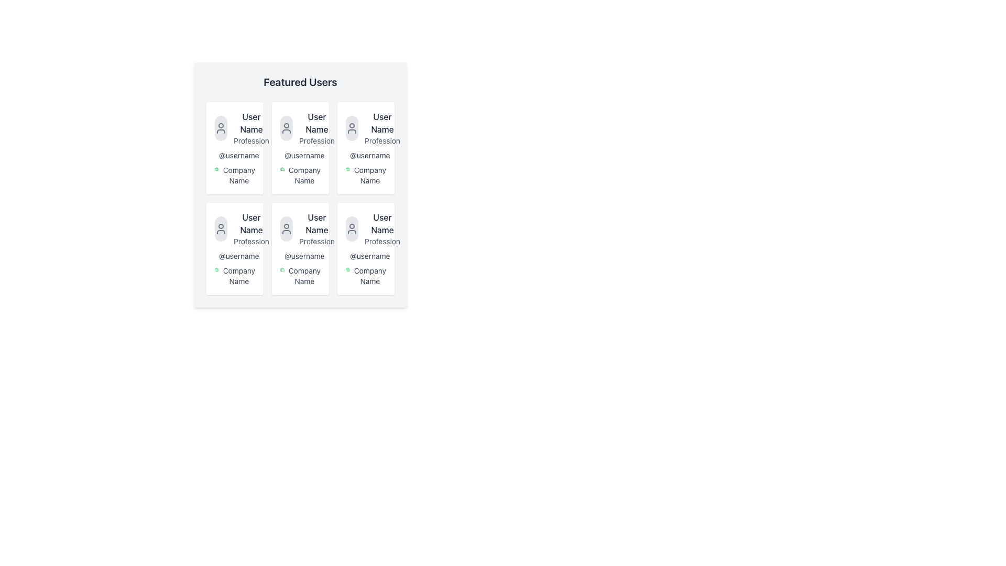 The height and width of the screenshot is (566, 1006). What do you see at coordinates (238, 175) in the screenshot?
I see `text label indicating the associated user's company name located in the first user card of the 'Featured Users' grid, positioned below the '@username' text and above the green dot icon` at bounding box center [238, 175].